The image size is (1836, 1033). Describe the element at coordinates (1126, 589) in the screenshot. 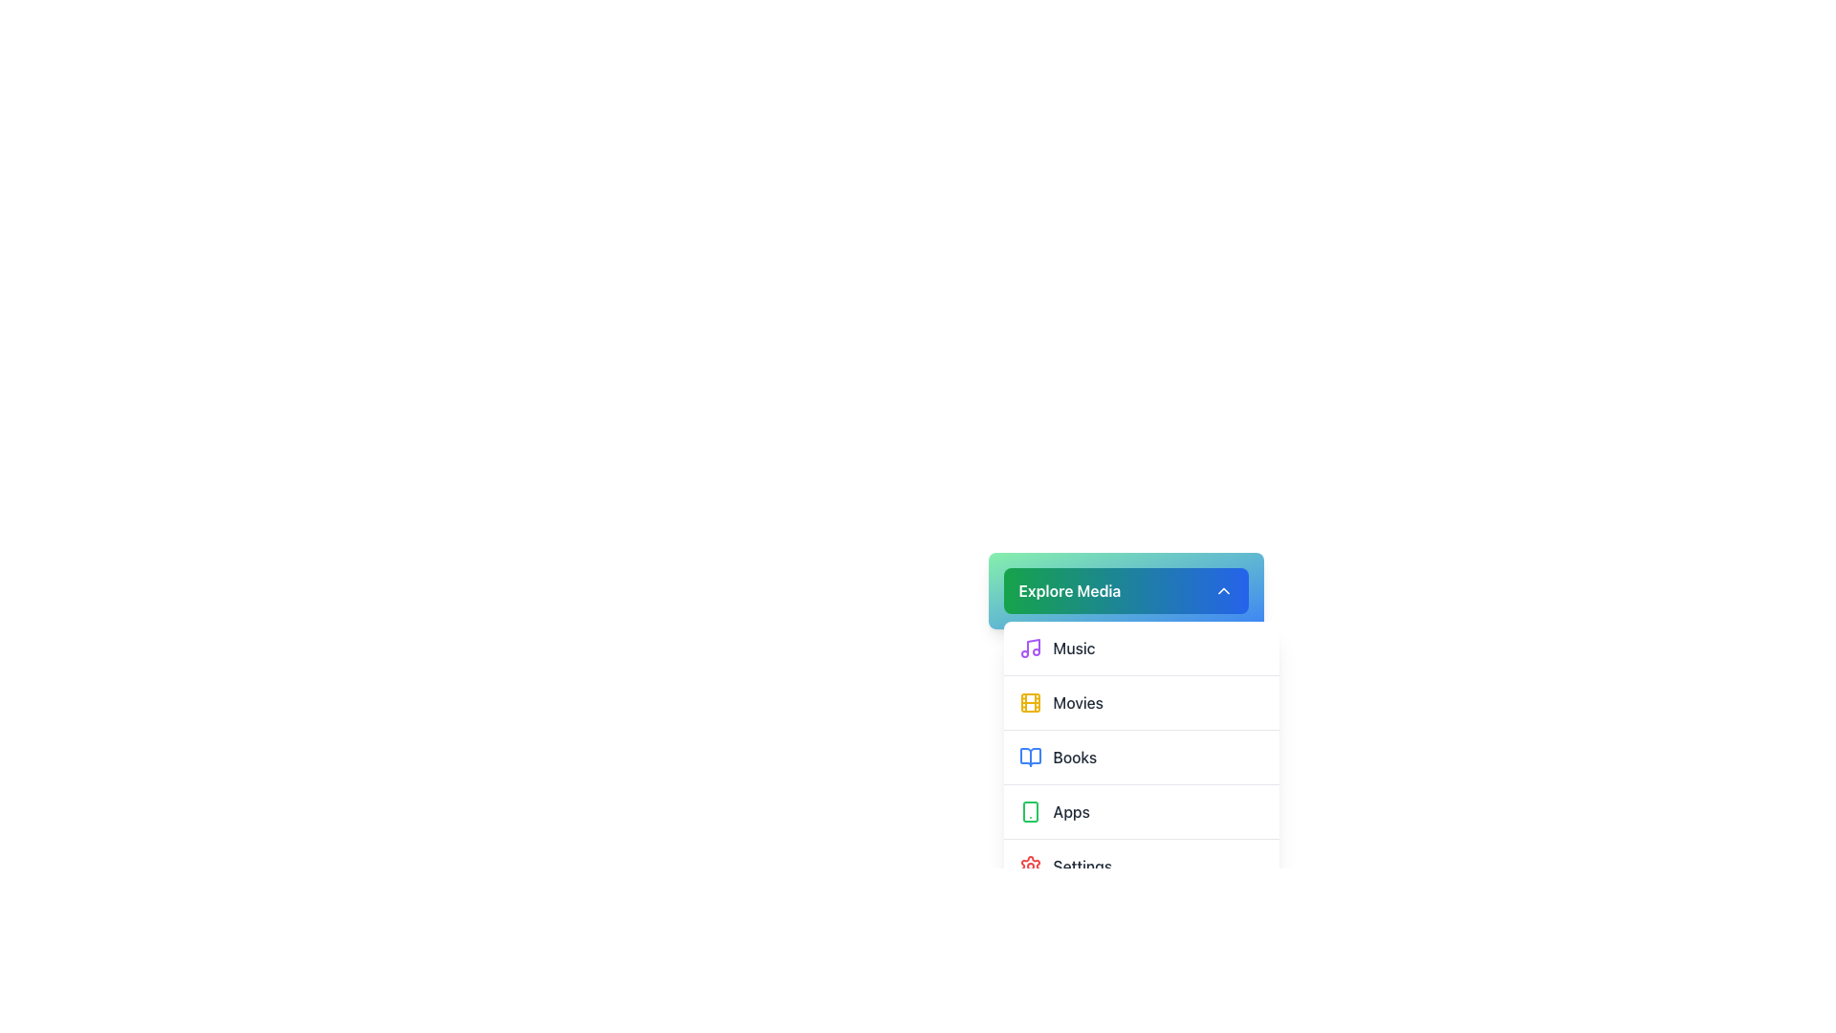

I see `the 'Explore Media' dropdown toggle button with a gradient background` at that location.